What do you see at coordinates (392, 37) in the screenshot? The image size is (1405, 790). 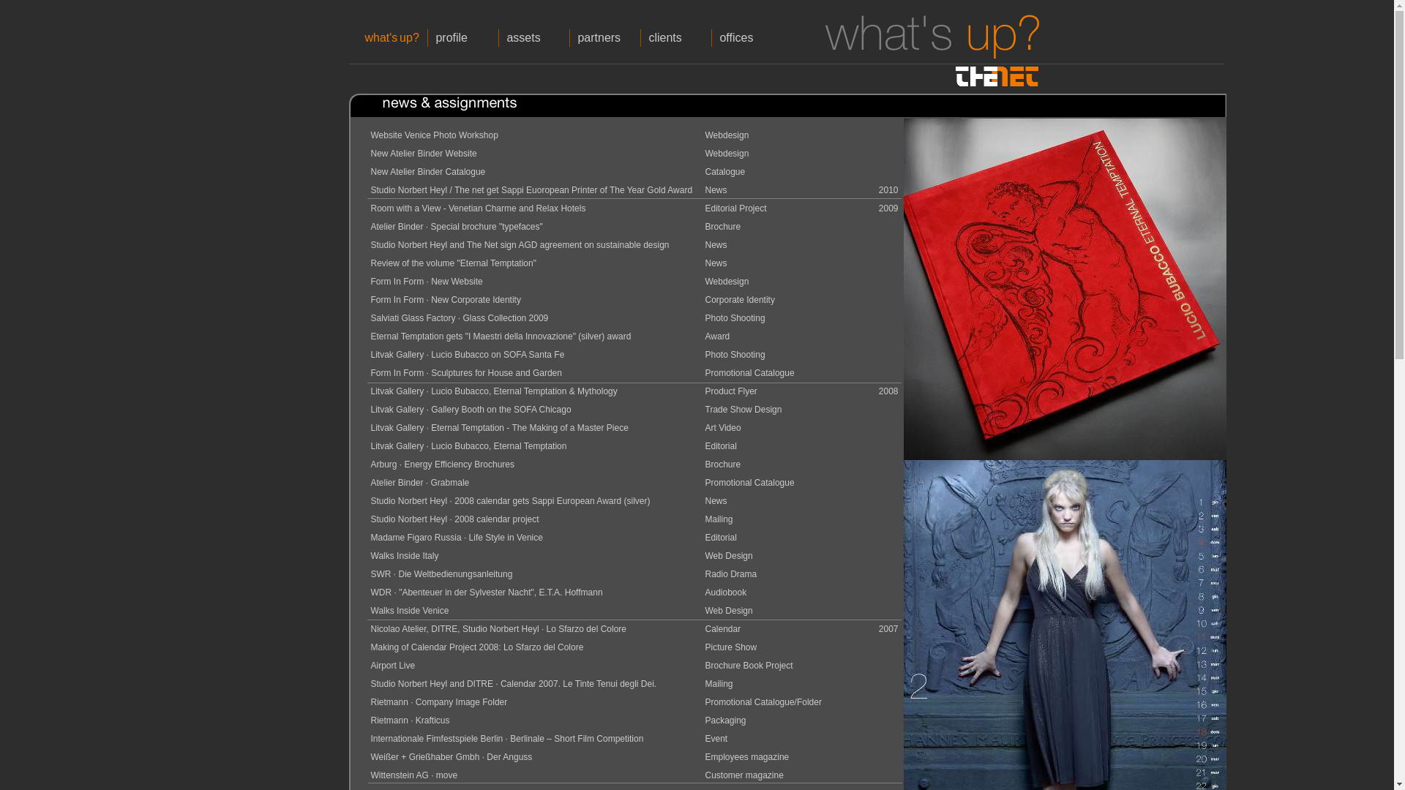 I see `'what's up?'` at bounding box center [392, 37].